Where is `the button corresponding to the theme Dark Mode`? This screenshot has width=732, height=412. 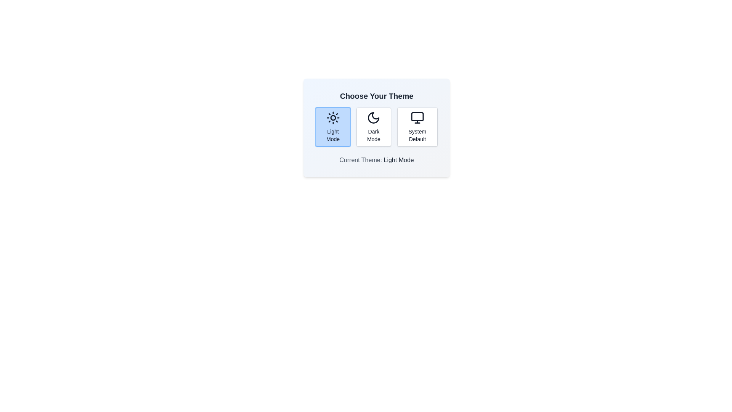
the button corresponding to the theme Dark Mode is located at coordinates (374, 126).